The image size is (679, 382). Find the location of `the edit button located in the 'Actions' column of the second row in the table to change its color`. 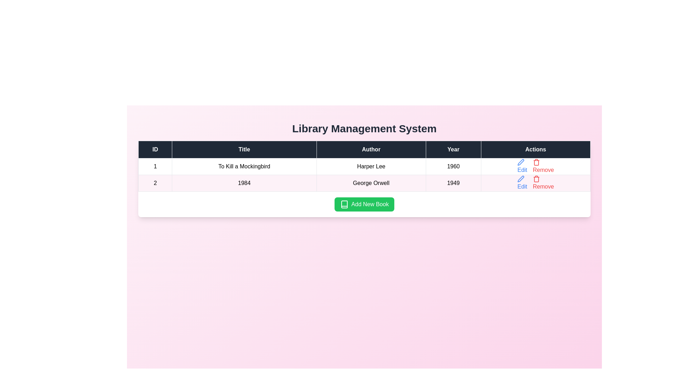

the edit button located in the 'Actions' column of the second row in the table to change its color is located at coordinates (522, 183).